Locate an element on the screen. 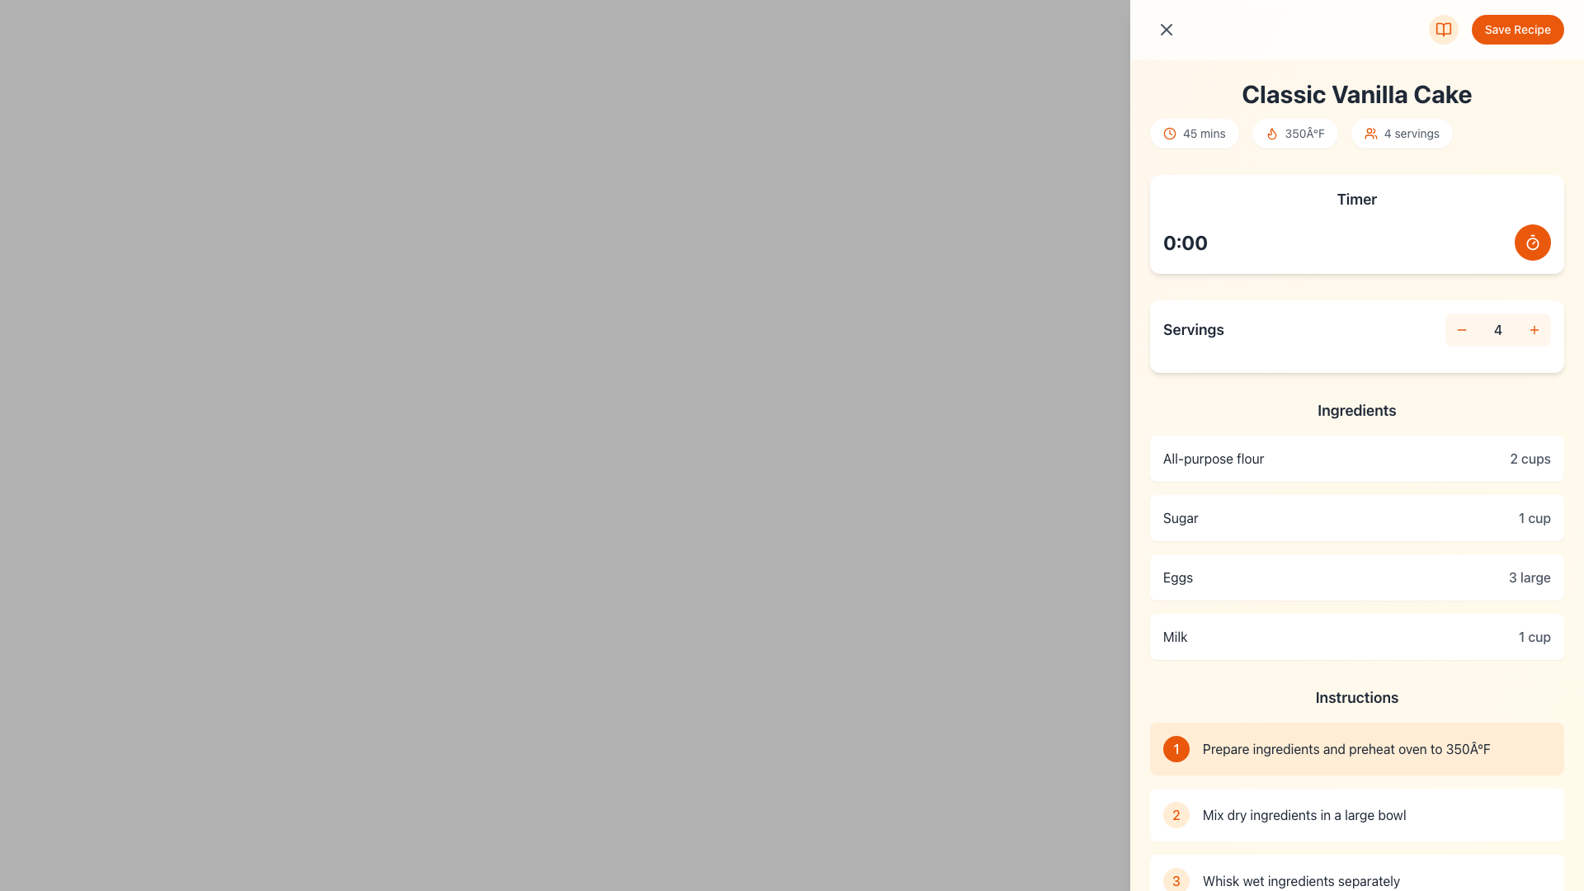 Image resolution: width=1584 pixels, height=891 pixels. the static text displaying the second step in the recipe's instructions, located next to the circular icon with the number '2' is located at coordinates (1377, 813).